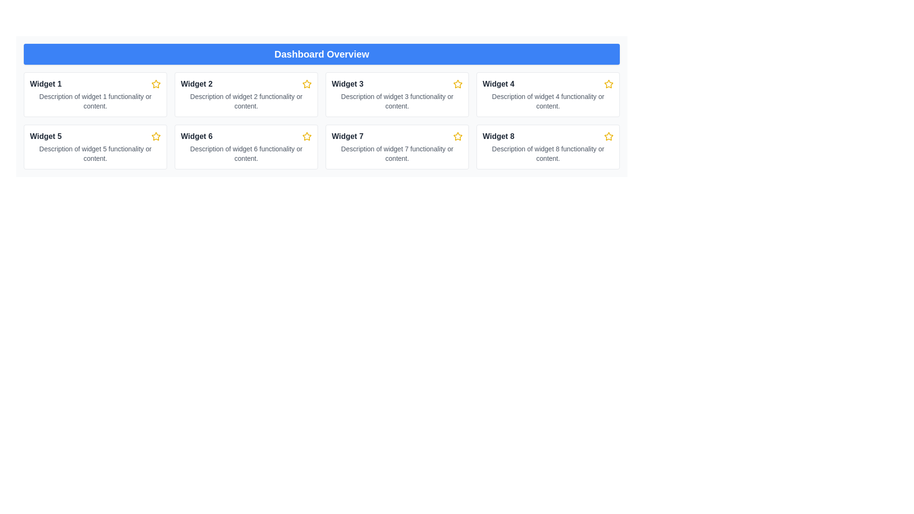 The height and width of the screenshot is (514, 914). What do you see at coordinates (548, 101) in the screenshot?
I see `the Text label that describes the functionality of 'Widget 4', located in the second column of the second row of the dashboard grid layout` at bounding box center [548, 101].